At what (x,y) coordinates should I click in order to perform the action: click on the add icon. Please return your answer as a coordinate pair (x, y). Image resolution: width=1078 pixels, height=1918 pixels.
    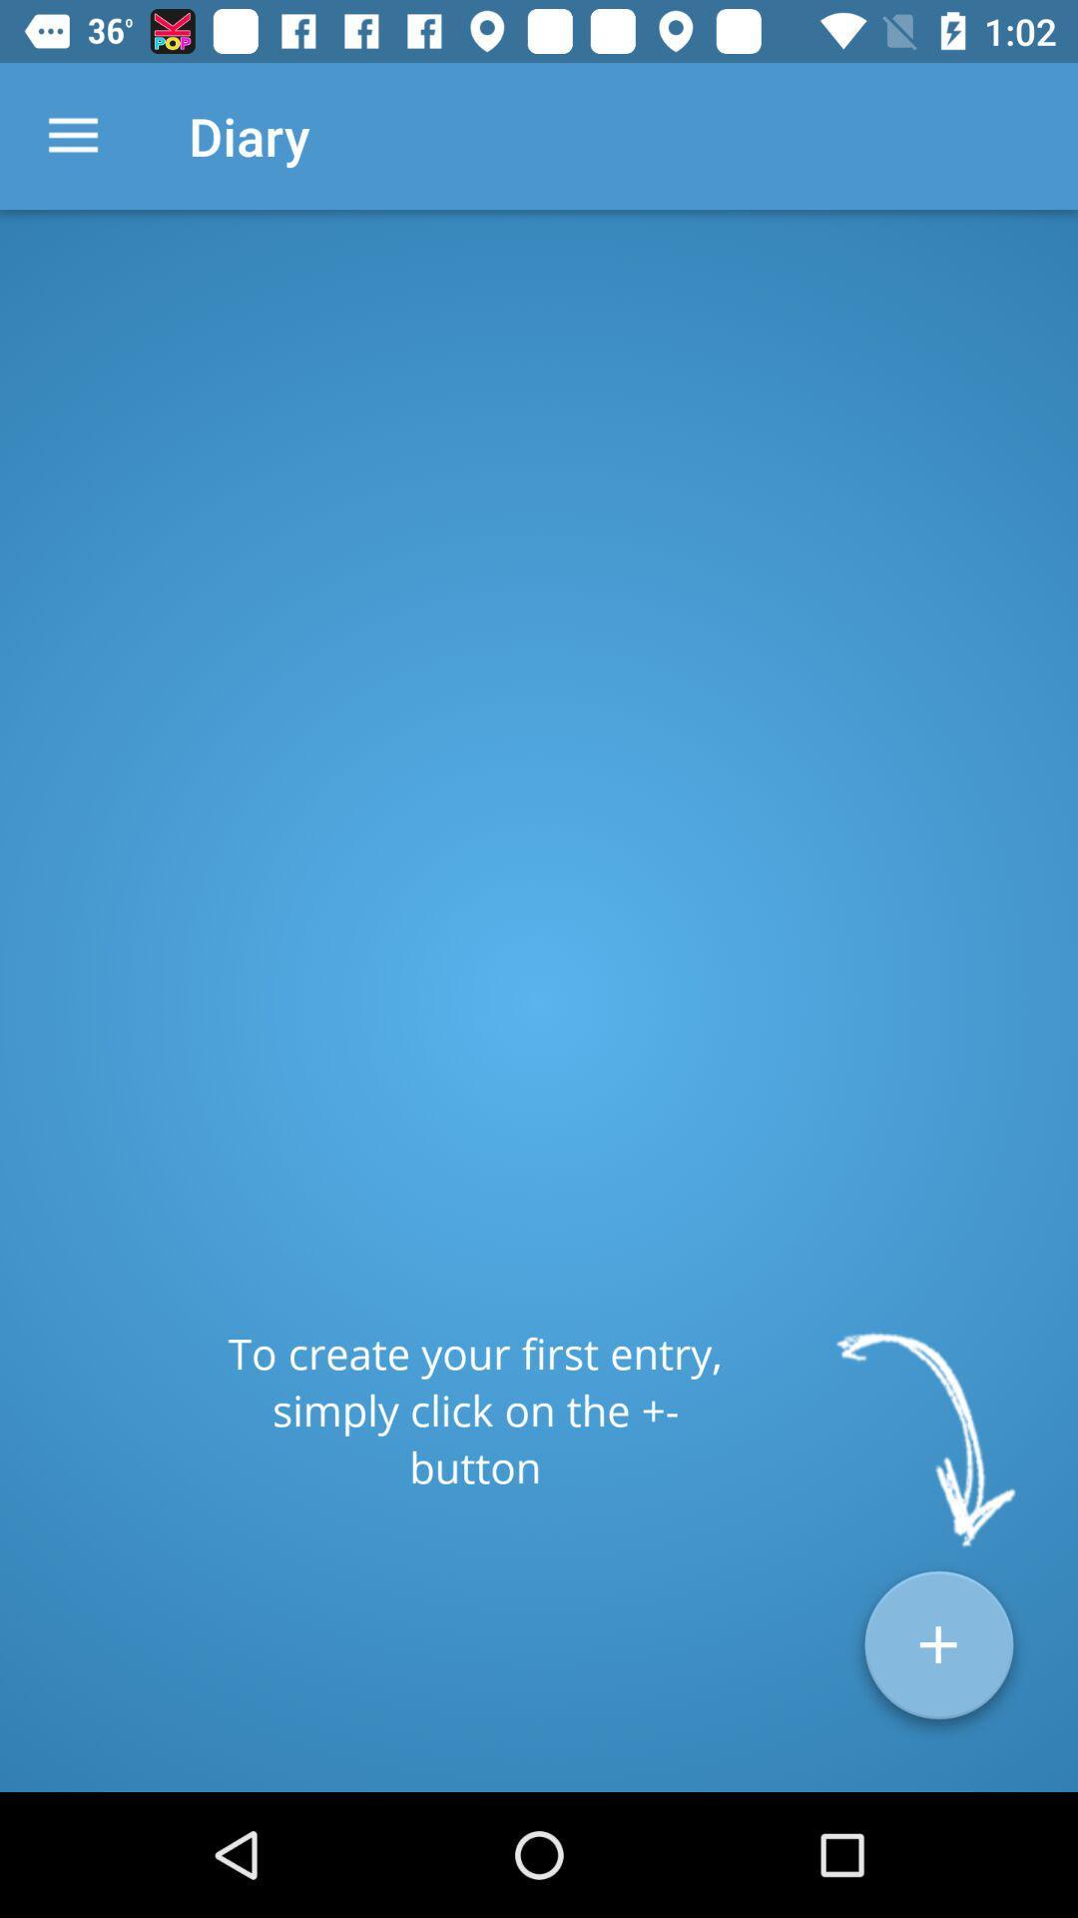
    Looking at the image, I should click on (938, 1652).